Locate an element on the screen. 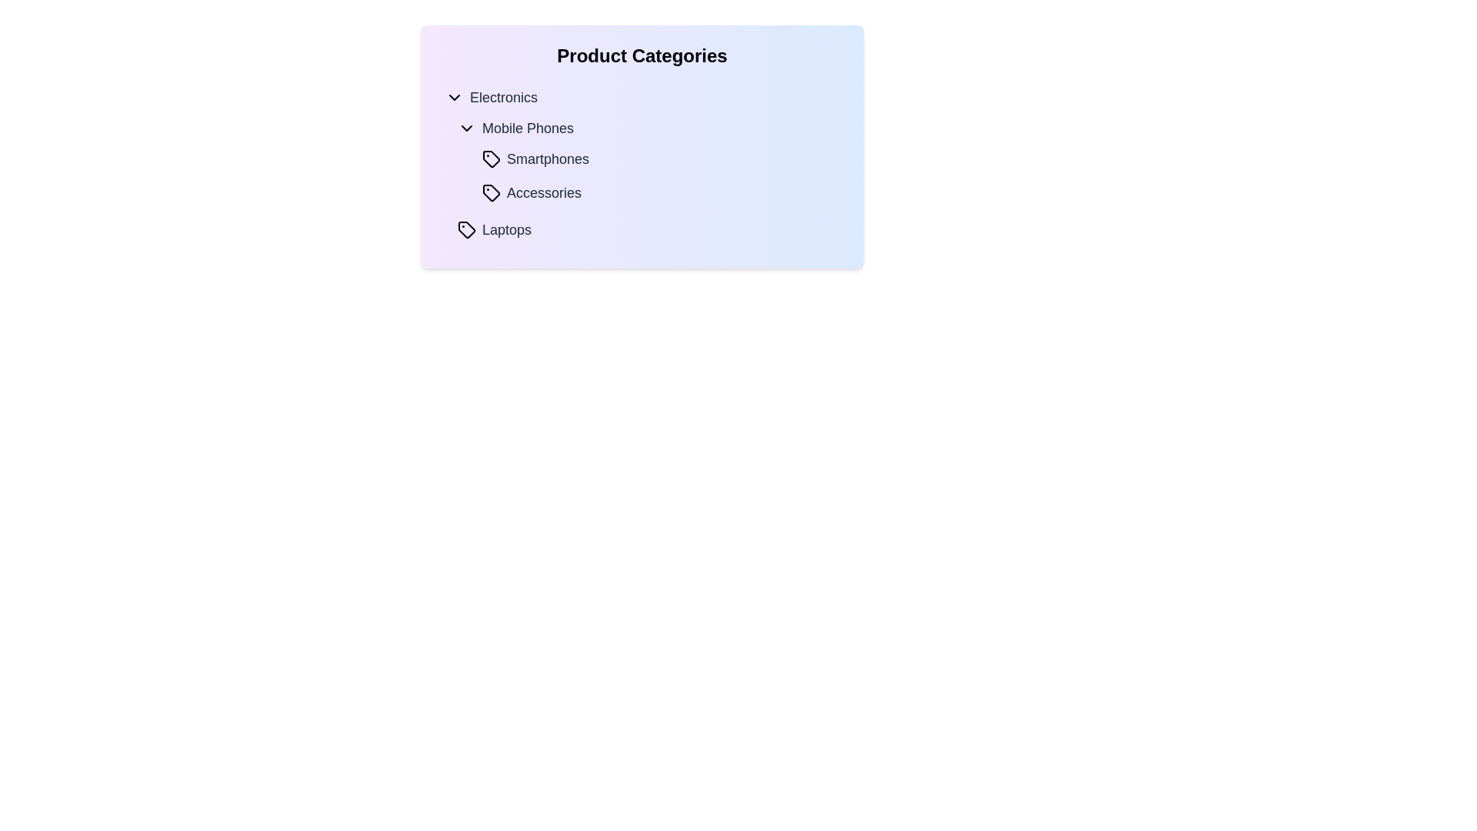 This screenshot has width=1477, height=831. the stylized tag icon associated with the 'Accessories' option in the 'Product Categories' menu is located at coordinates (490, 192).